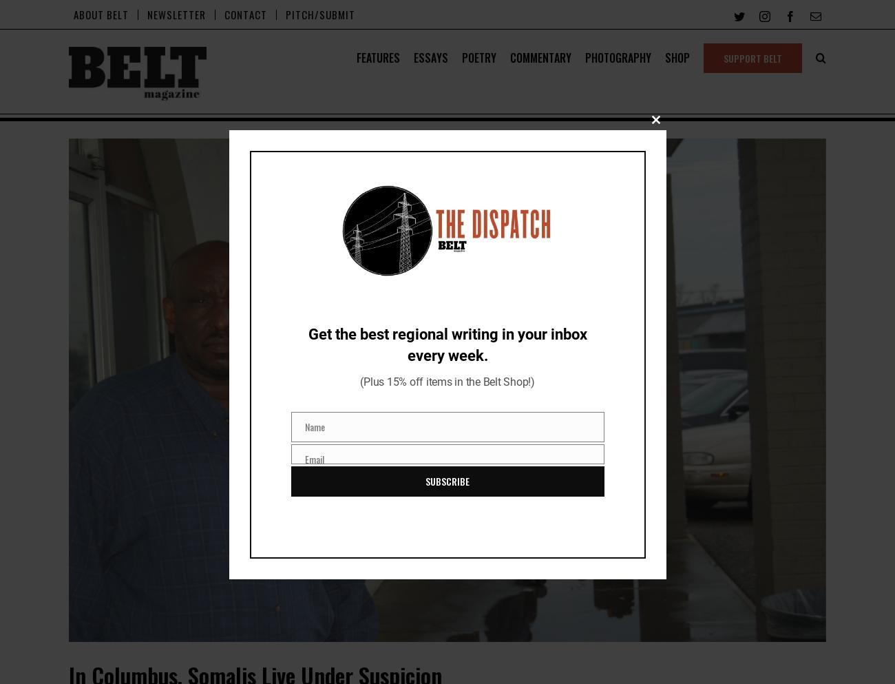 The height and width of the screenshot is (684, 895). What do you see at coordinates (389, 105) in the screenshot?
I see `'HISTORY'` at bounding box center [389, 105].